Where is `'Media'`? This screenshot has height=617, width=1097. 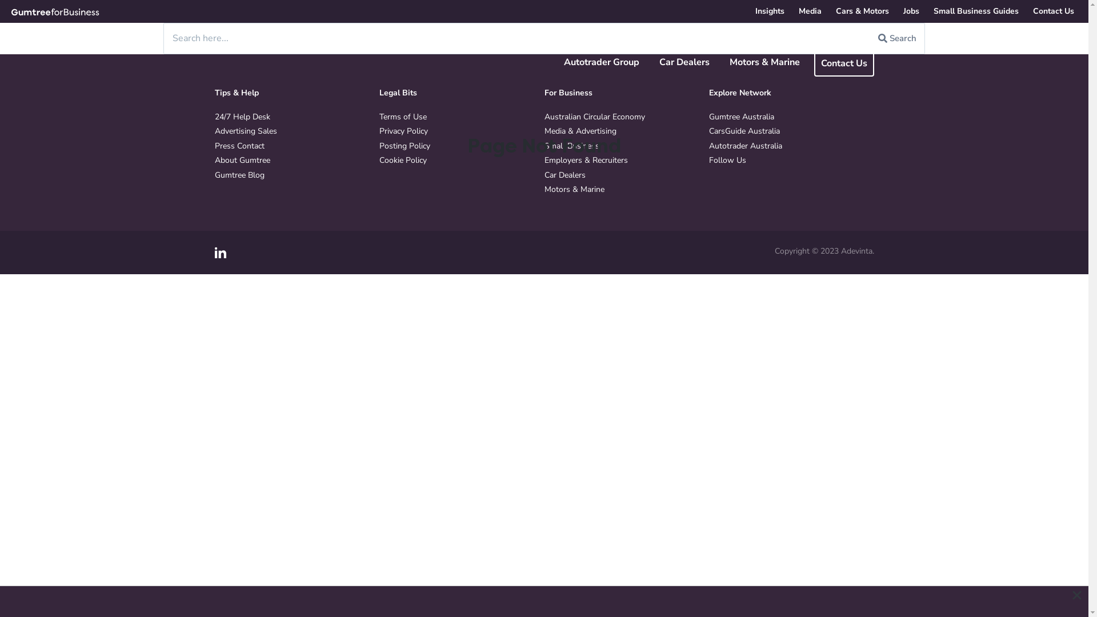
'Media' is located at coordinates (809, 11).